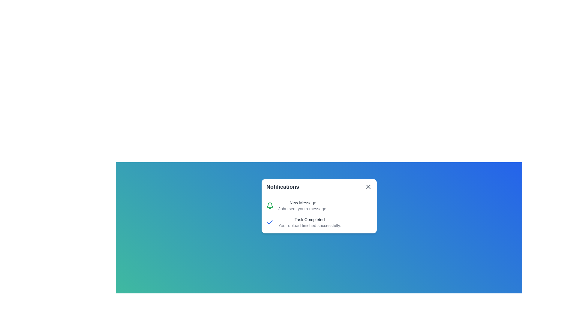 This screenshot has width=576, height=324. I want to click on the Close button icon (X) located in the upper-right corner of the notification dialog to change its color to red if applicable, so click(368, 187).